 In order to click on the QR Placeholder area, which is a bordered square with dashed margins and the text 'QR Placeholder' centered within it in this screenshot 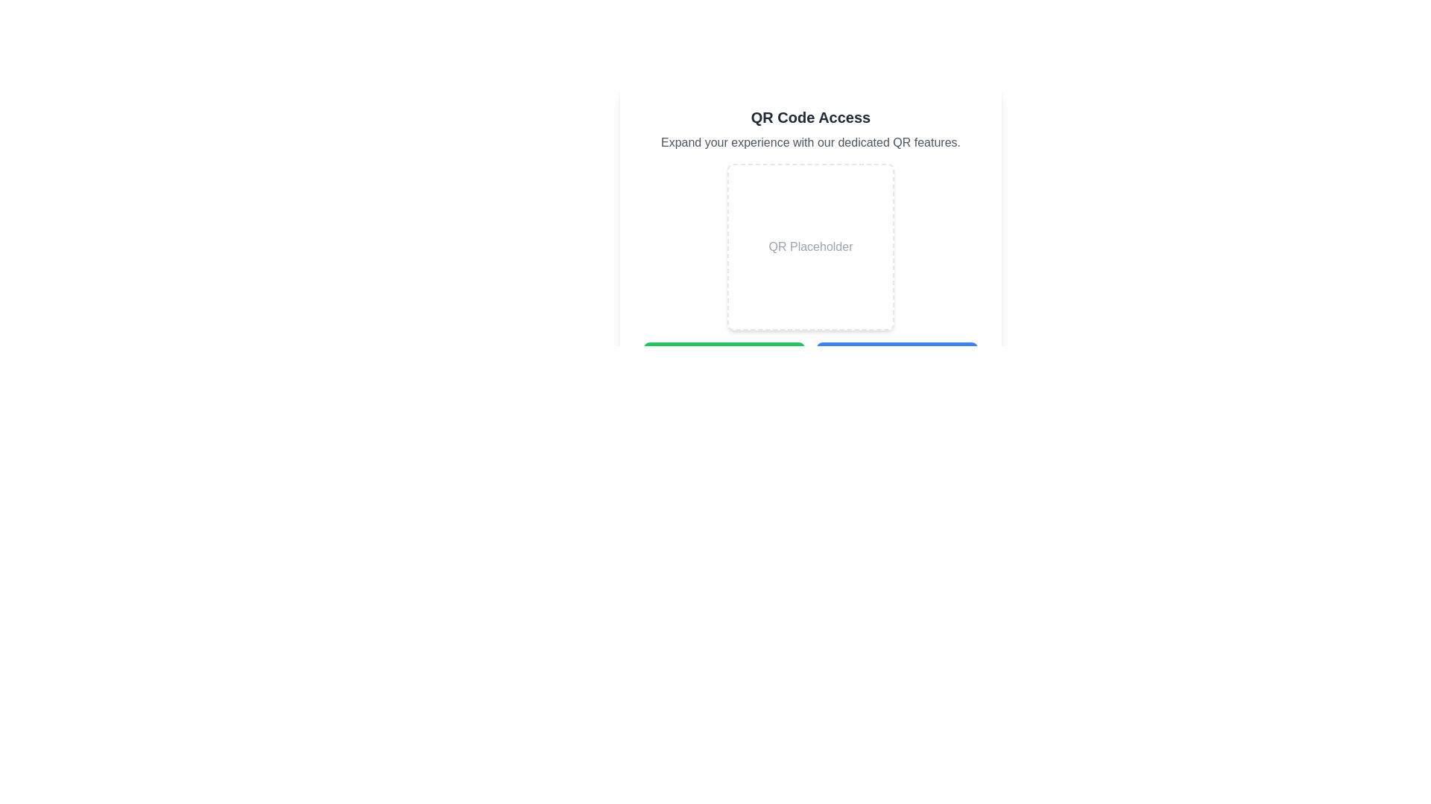, I will do `click(810, 246)`.